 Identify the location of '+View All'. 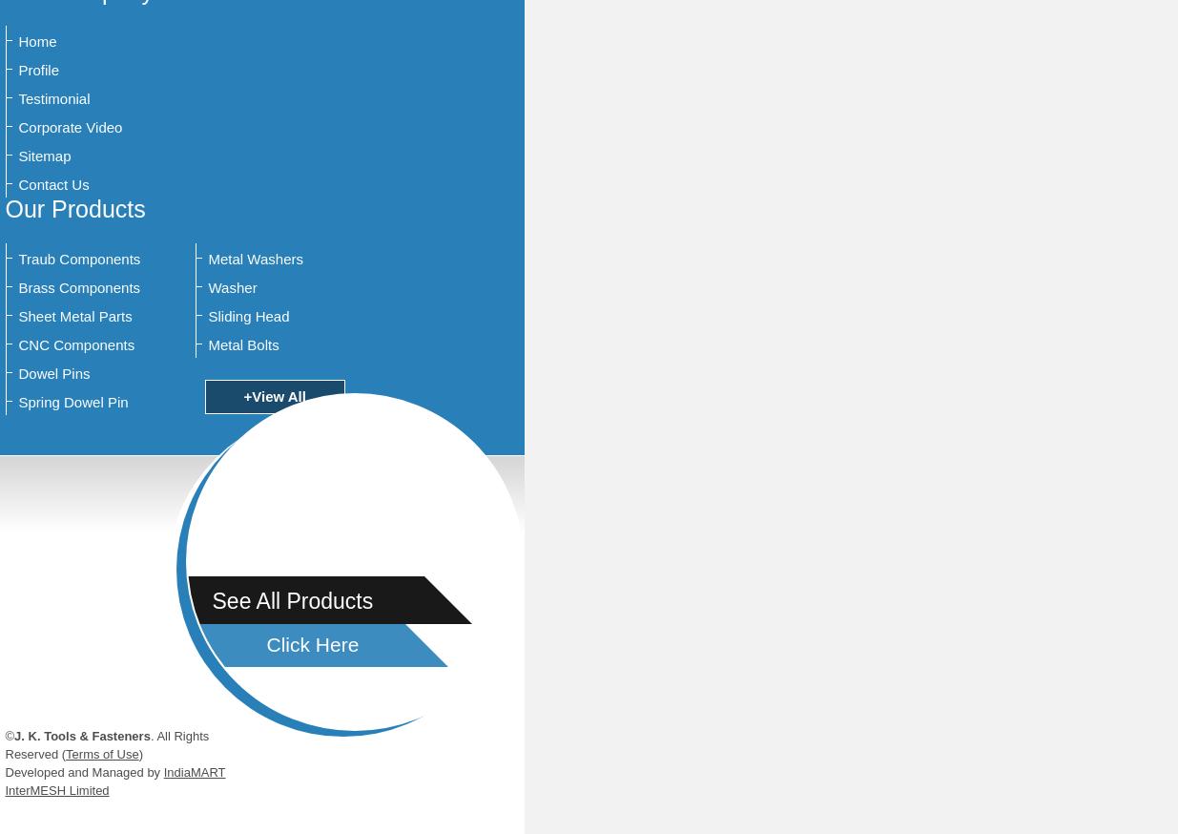
(274, 396).